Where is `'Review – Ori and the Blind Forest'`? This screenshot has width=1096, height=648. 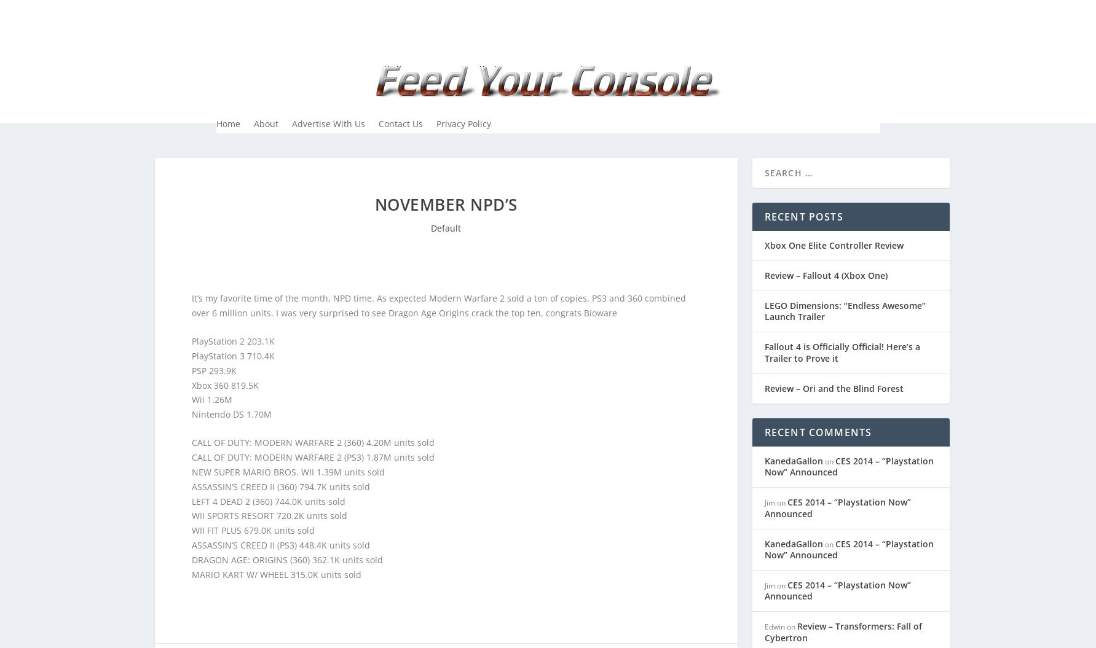 'Review – Ori and the Blind Forest' is located at coordinates (832, 388).